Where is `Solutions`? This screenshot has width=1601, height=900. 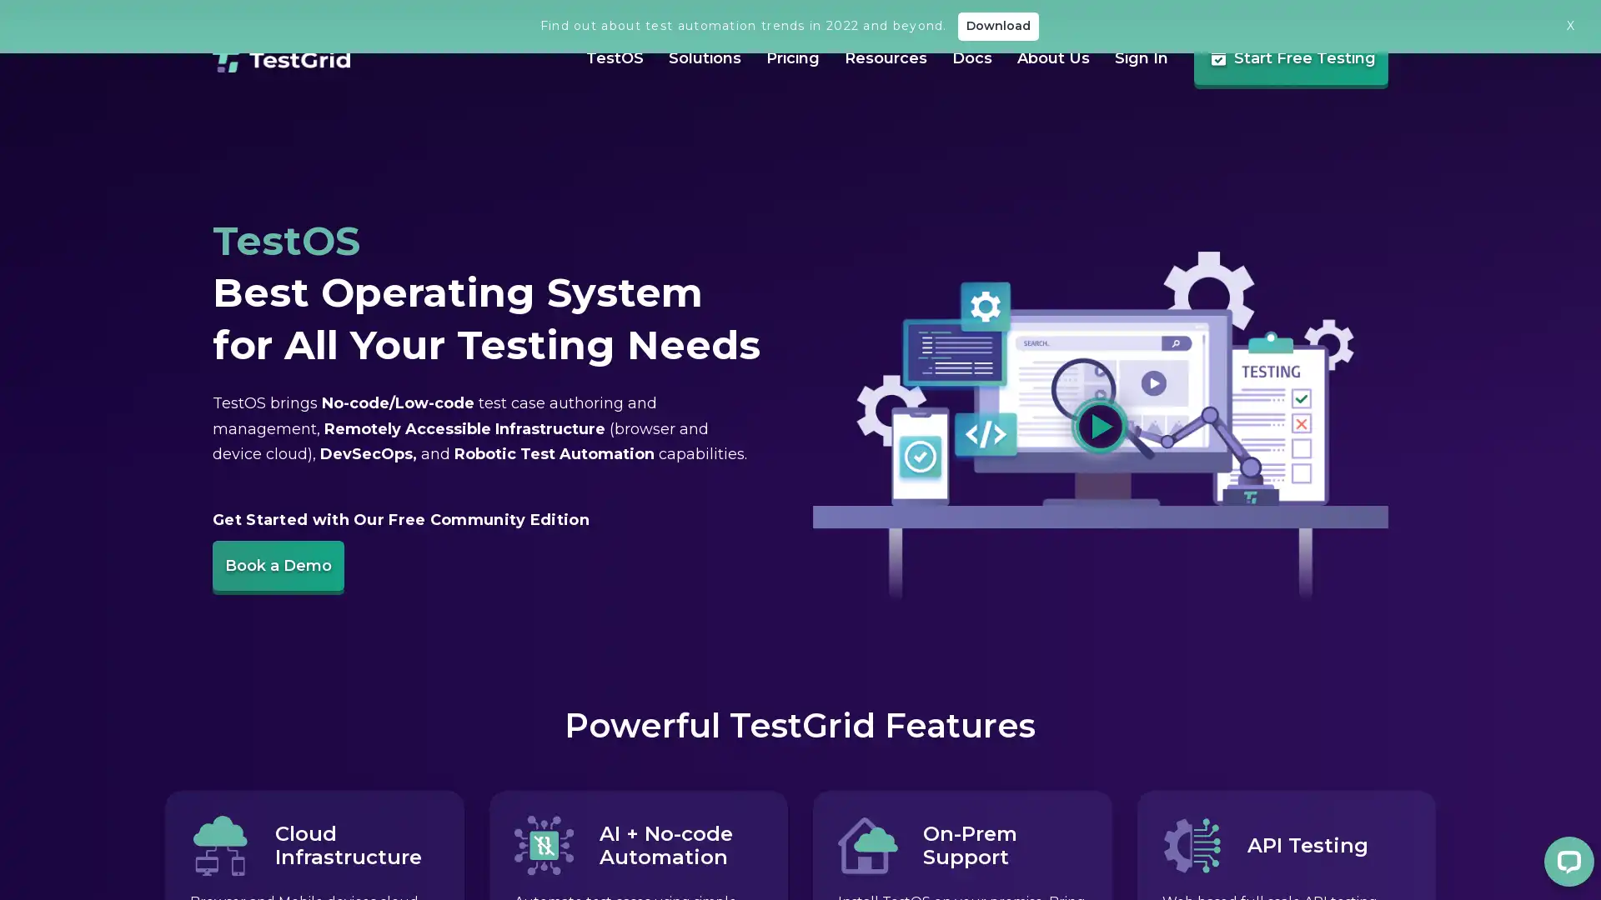 Solutions is located at coordinates (688, 104).